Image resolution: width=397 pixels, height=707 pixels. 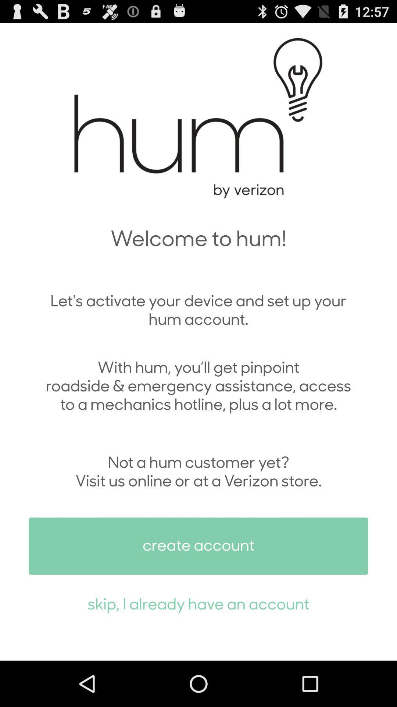 I want to click on icon below the create account icon, so click(x=198, y=603).